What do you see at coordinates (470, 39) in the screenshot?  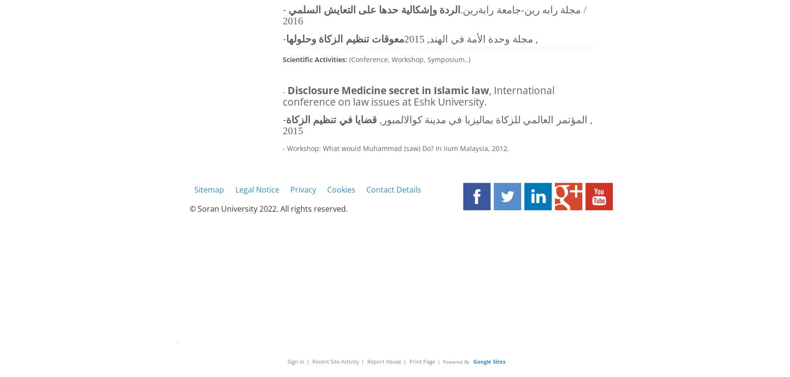 I see `', مجلة وحدة الأمة في
الهند, 2015'` at bounding box center [470, 39].